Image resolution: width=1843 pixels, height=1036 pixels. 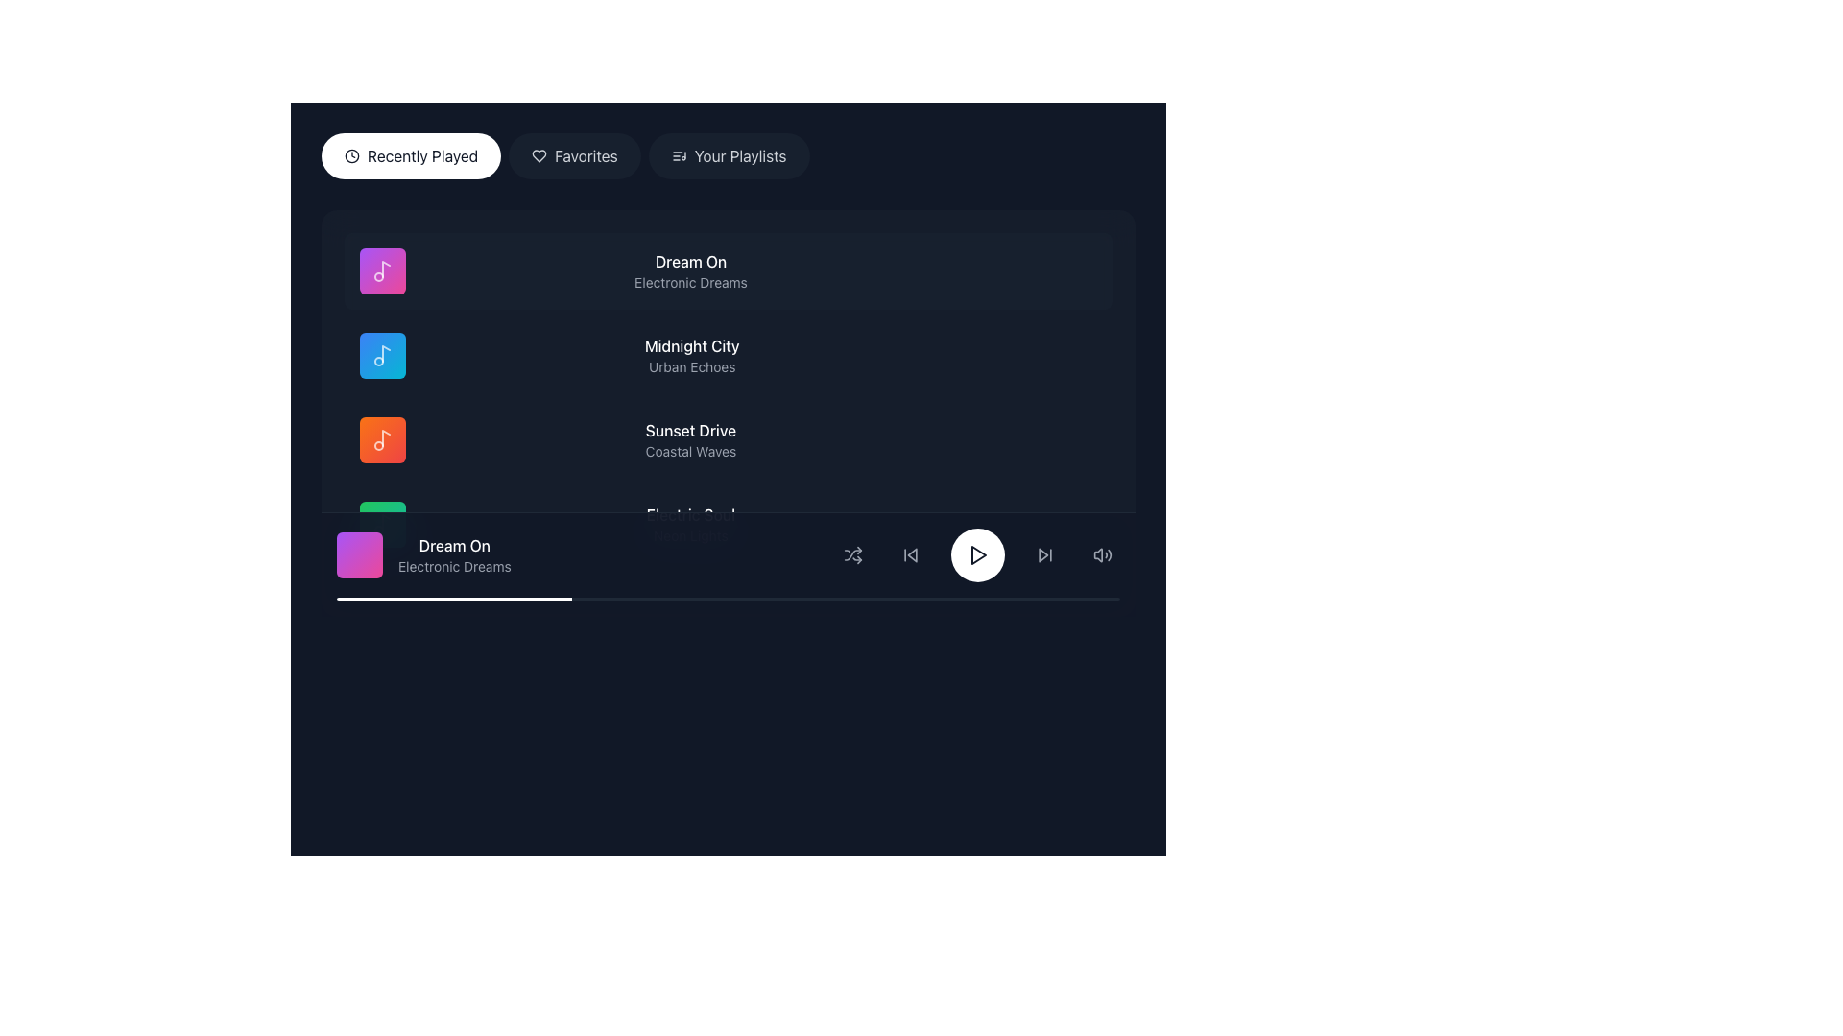 I want to click on the small music note icon representing a list, which is located to the left of the 'Your Playlists' button text, so click(x=679, y=154).